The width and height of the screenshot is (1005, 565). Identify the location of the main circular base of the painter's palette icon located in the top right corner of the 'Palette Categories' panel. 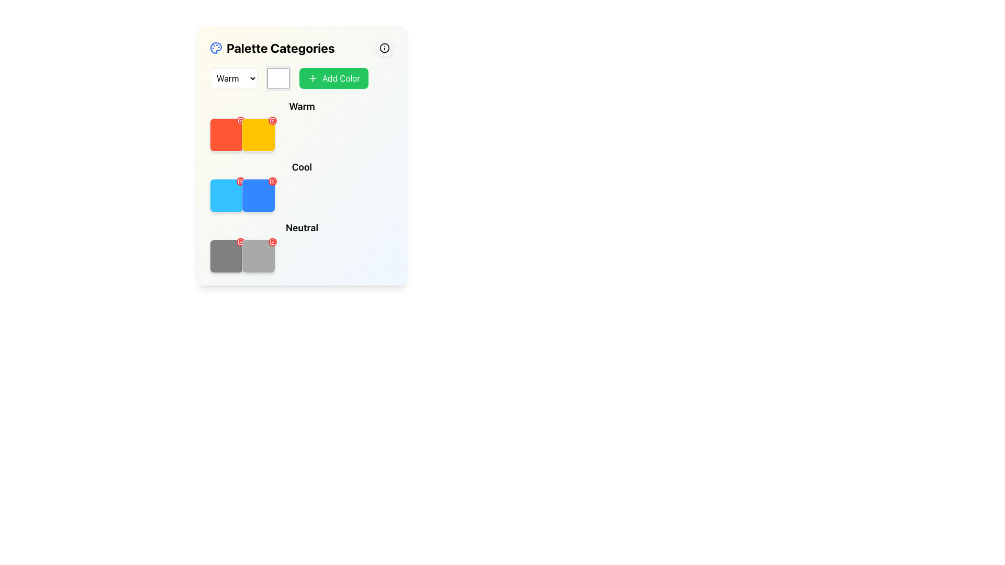
(215, 48).